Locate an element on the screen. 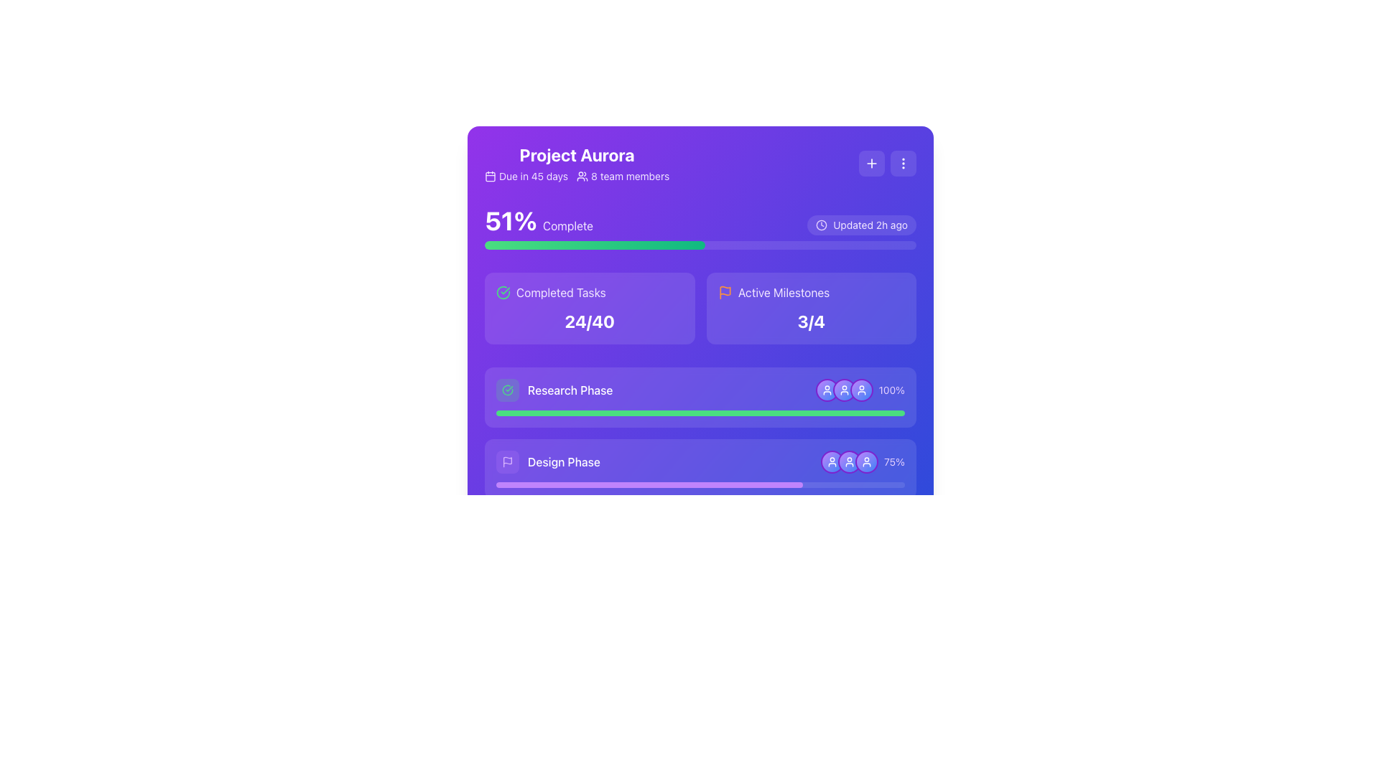 The height and width of the screenshot is (775, 1379). the white user silhouette icon with a circular gradient background located at the top-right corner of the header section is located at coordinates (849, 462).